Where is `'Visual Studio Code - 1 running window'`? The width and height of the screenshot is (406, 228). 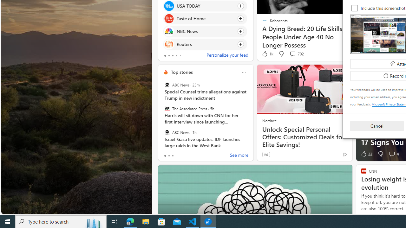
'Visual Studio Code - 1 running window' is located at coordinates (192, 221).